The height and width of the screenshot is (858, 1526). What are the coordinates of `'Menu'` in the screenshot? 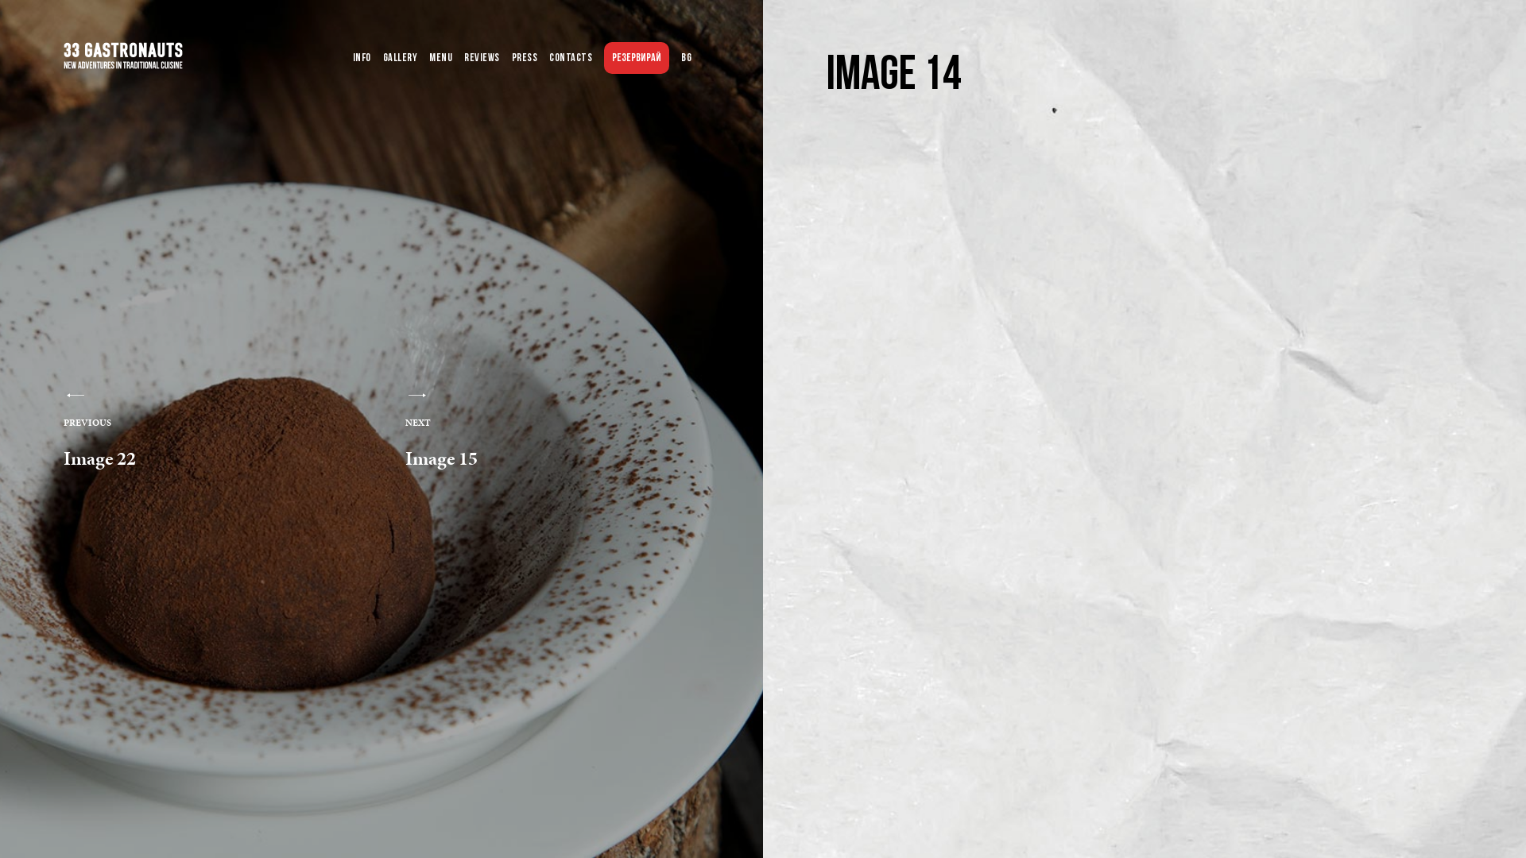 It's located at (440, 57).